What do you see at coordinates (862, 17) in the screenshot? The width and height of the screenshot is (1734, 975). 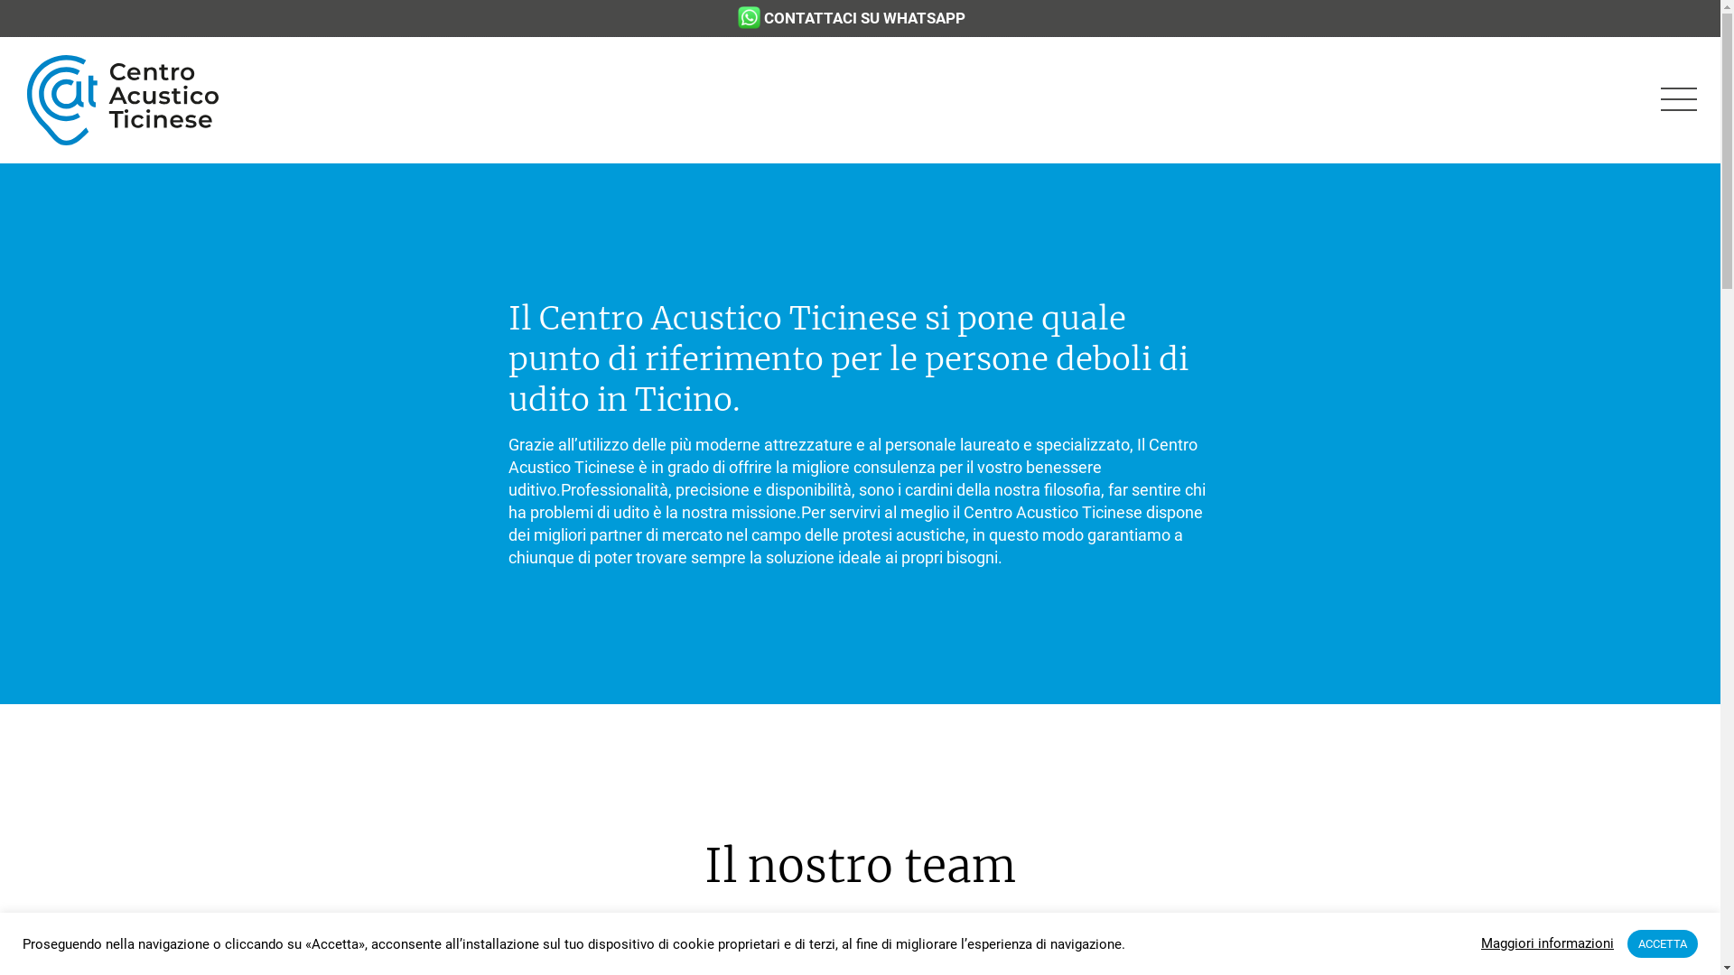 I see `'CONTATTACI SU WHATSAPP'` at bounding box center [862, 17].